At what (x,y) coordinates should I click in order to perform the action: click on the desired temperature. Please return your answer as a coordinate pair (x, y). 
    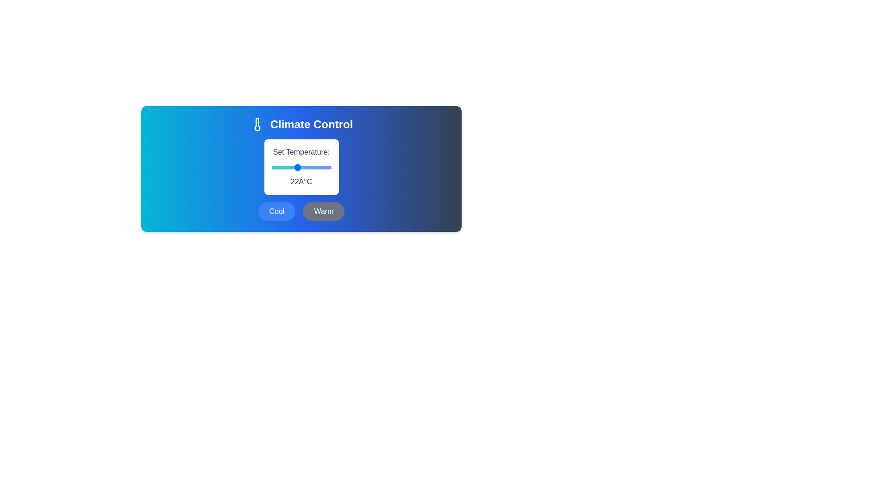
    Looking at the image, I should click on (275, 168).